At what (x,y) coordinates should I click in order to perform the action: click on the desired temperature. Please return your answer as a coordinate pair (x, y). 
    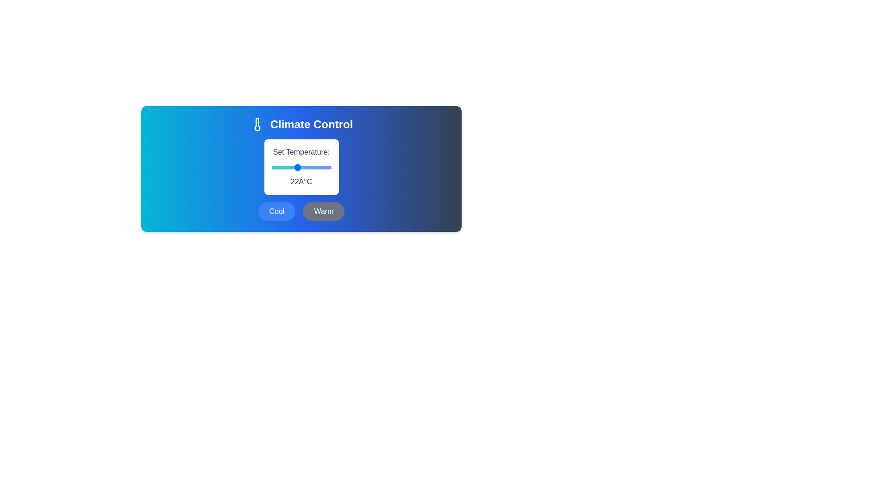
    Looking at the image, I should click on (275, 168).